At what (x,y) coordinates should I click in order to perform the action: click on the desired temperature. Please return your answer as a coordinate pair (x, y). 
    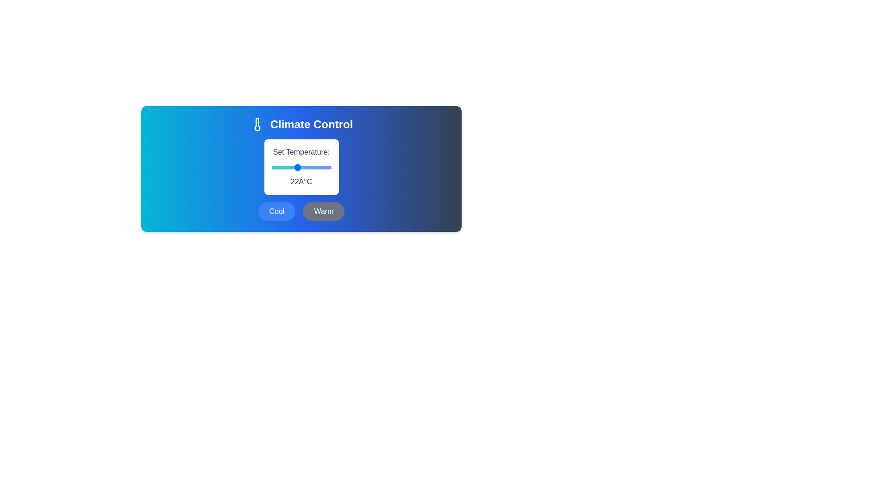
    Looking at the image, I should click on (275, 168).